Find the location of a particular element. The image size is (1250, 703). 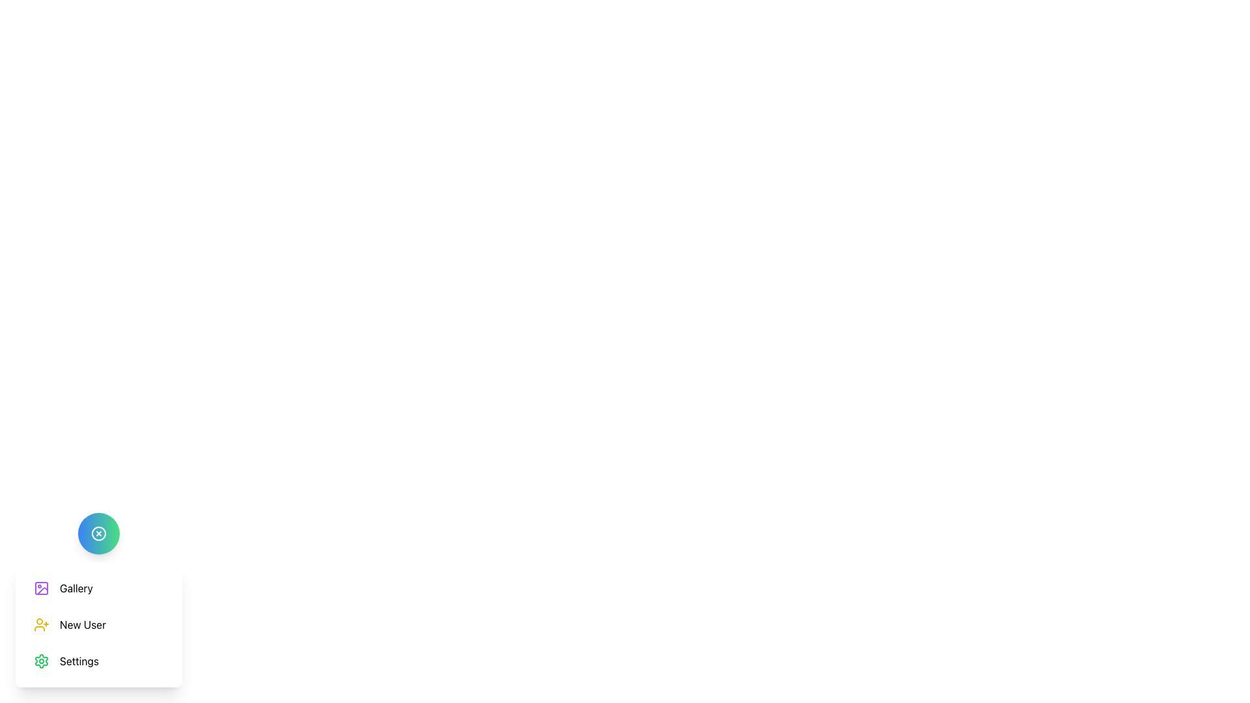

the button used to add a new user, which is the second item in a vertical list positioned below 'Gallery' and above 'Settings' is located at coordinates (69, 624).